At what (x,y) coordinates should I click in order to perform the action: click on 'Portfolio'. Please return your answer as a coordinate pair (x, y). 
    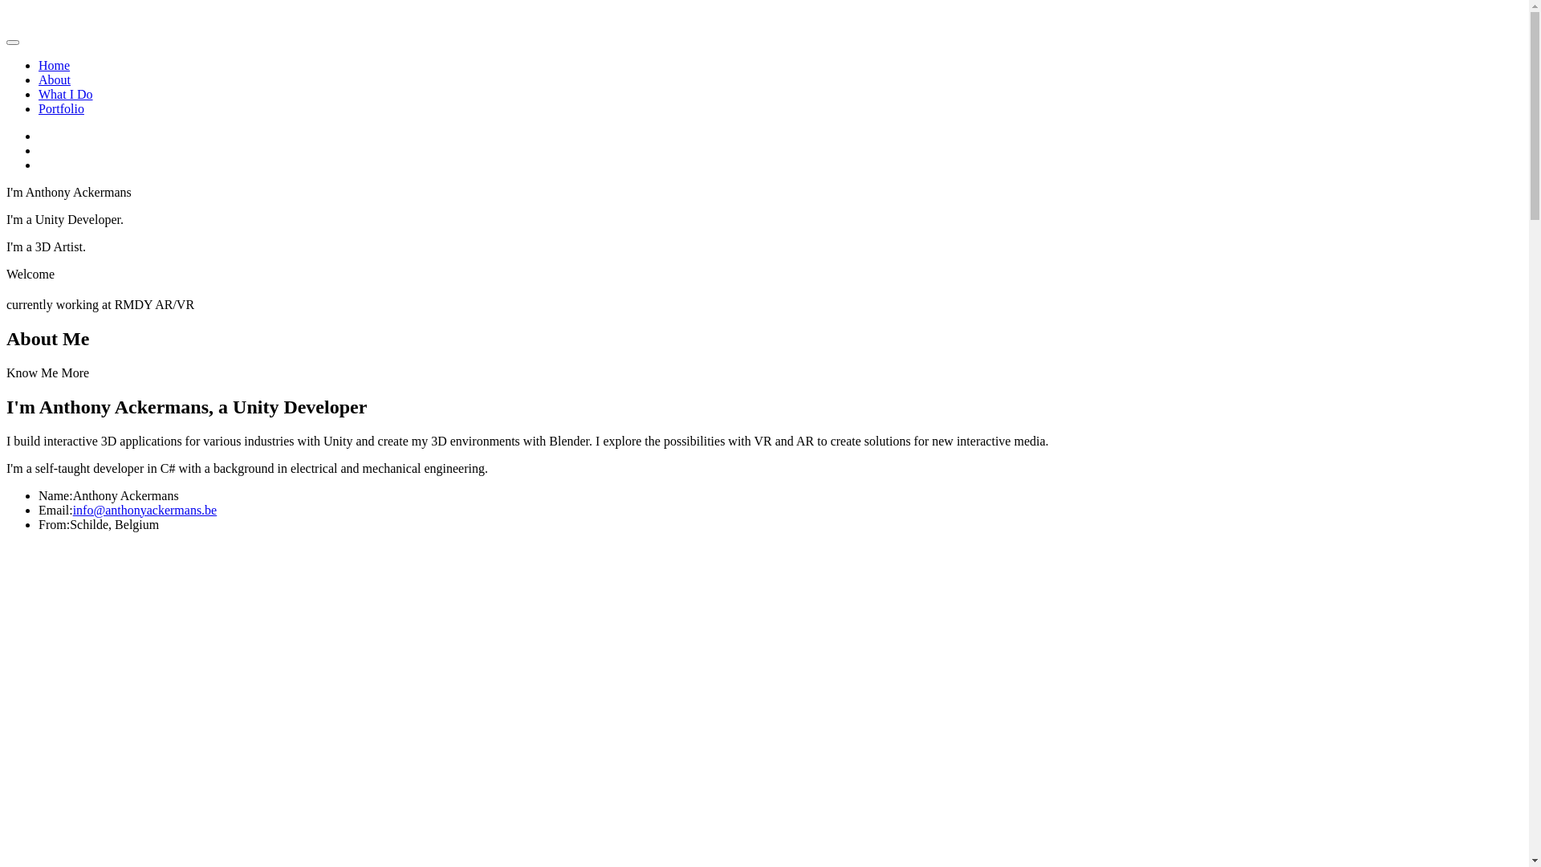
    Looking at the image, I should click on (39, 108).